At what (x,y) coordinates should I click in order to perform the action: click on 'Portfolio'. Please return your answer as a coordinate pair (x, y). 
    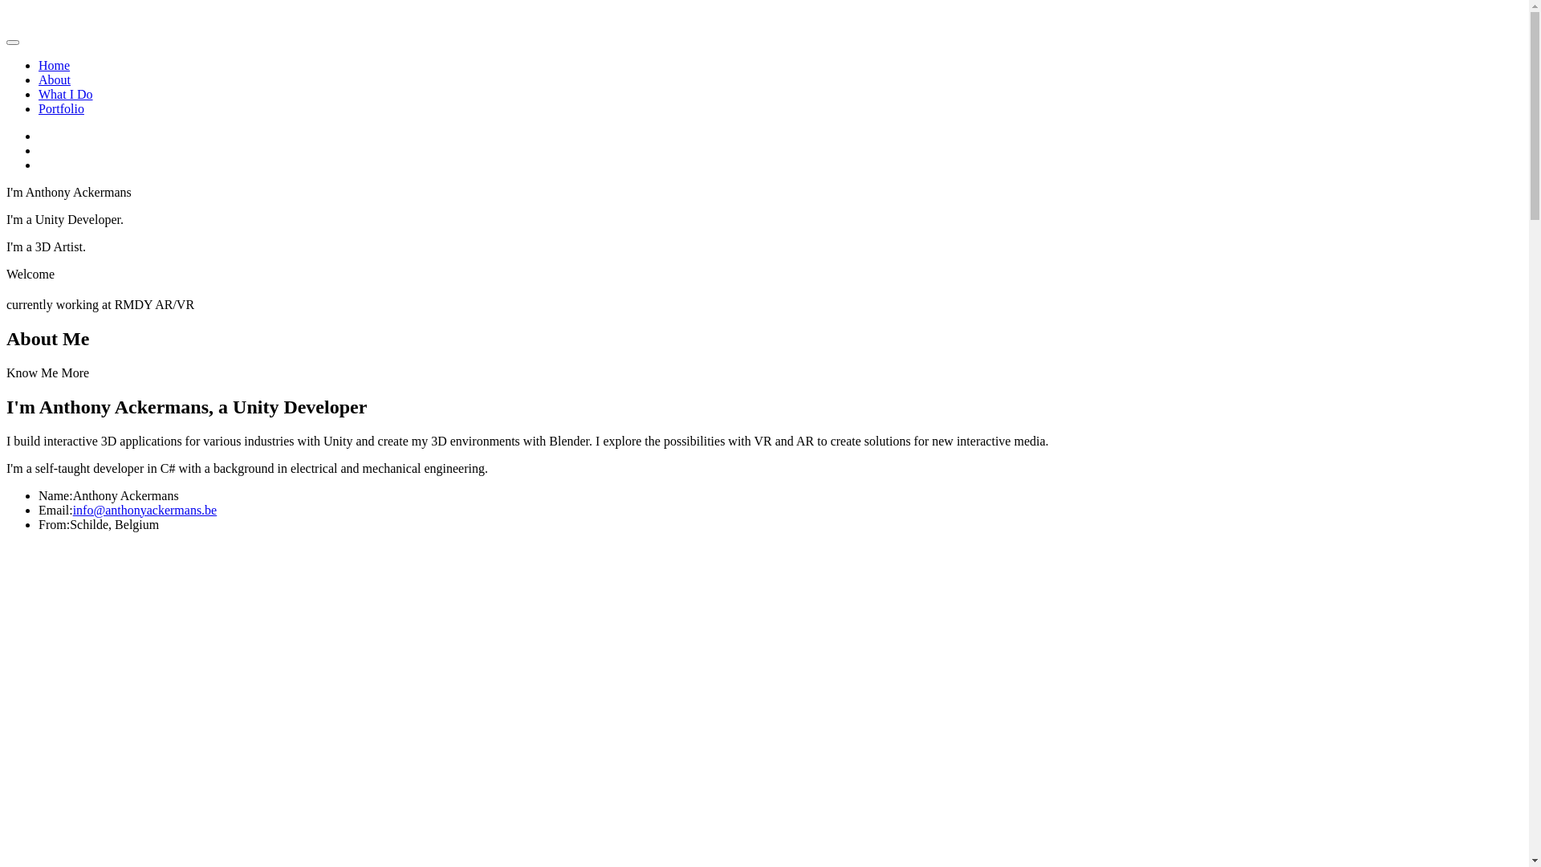
    Looking at the image, I should click on (39, 108).